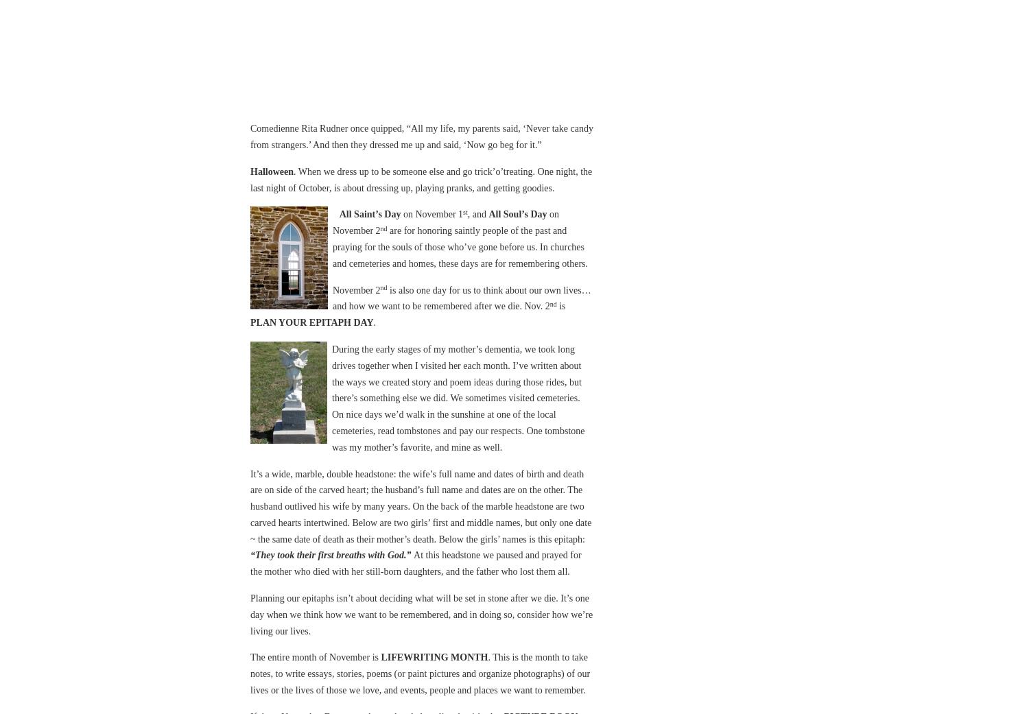  Describe the element at coordinates (434, 657) in the screenshot. I see `'LIFEWRITING MONTH'` at that location.